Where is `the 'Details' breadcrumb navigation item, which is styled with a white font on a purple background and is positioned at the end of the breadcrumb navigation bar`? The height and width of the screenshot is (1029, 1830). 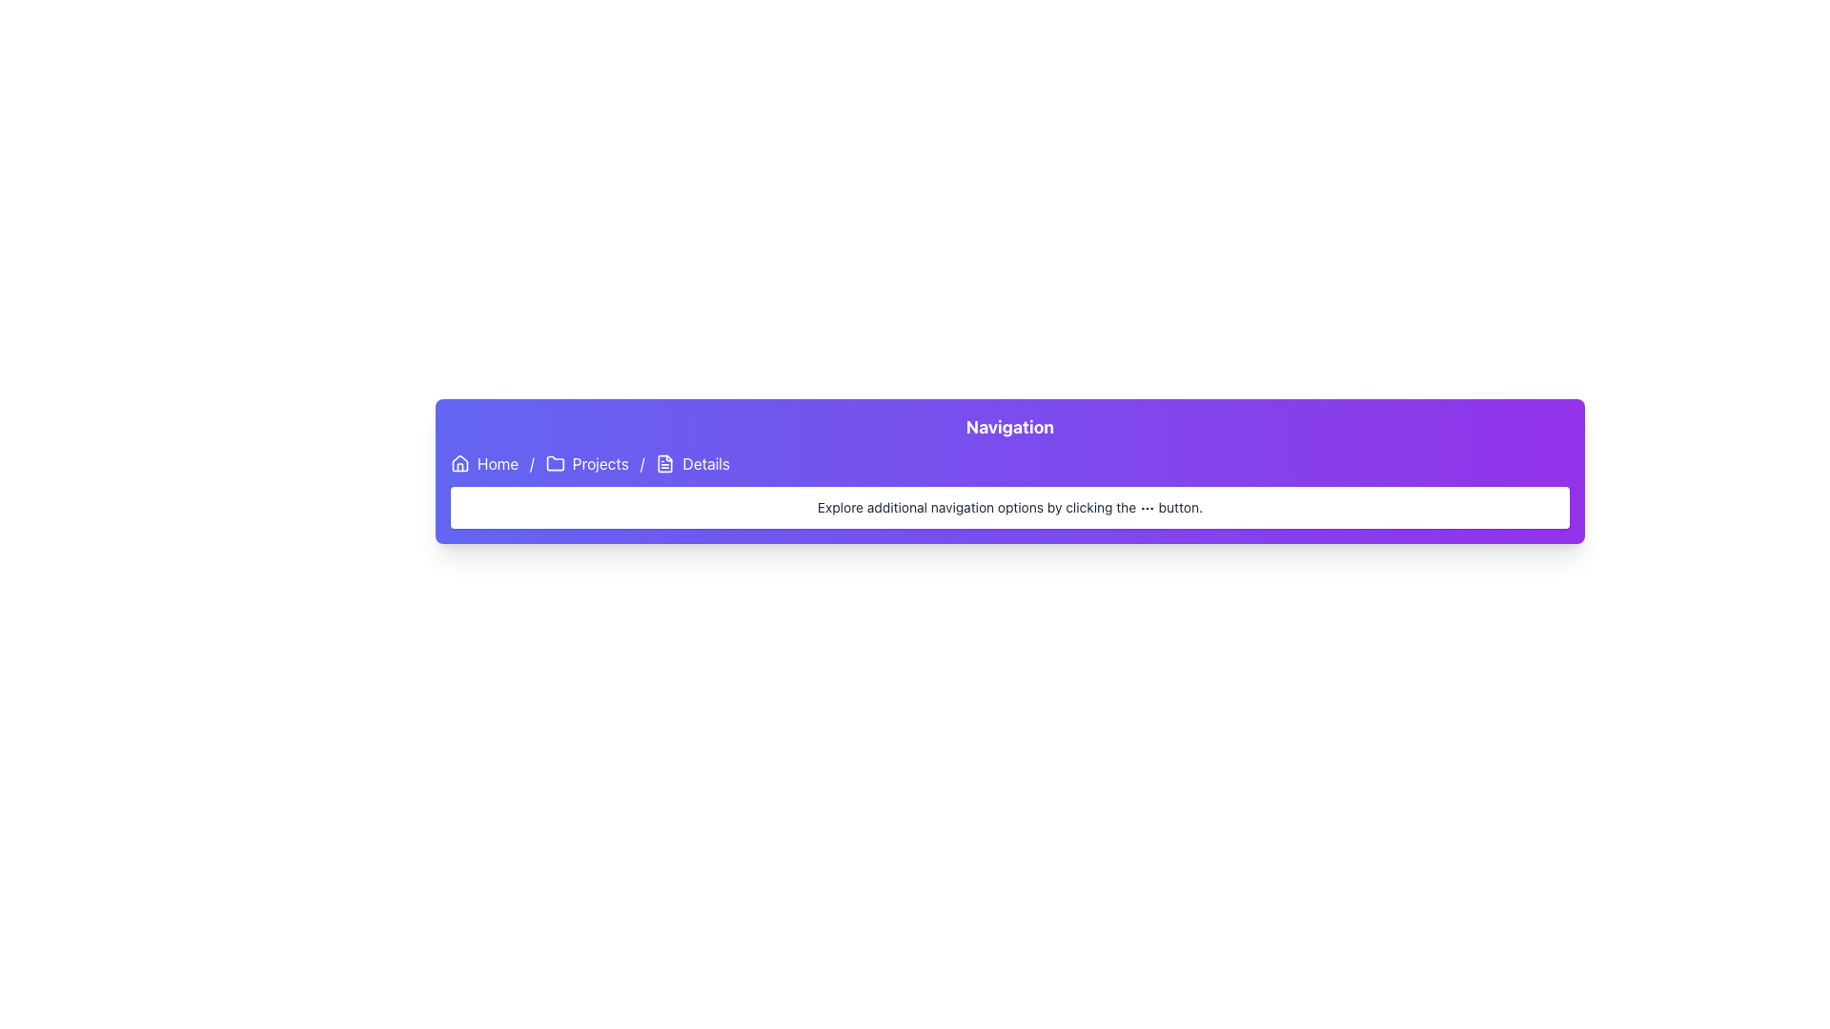
the 'Details' breadcrumb navigation item, which is styled with a white font on a purple background and is positioned at the end of the breadcrumb navigation bar is located at coordinates (691, 463).